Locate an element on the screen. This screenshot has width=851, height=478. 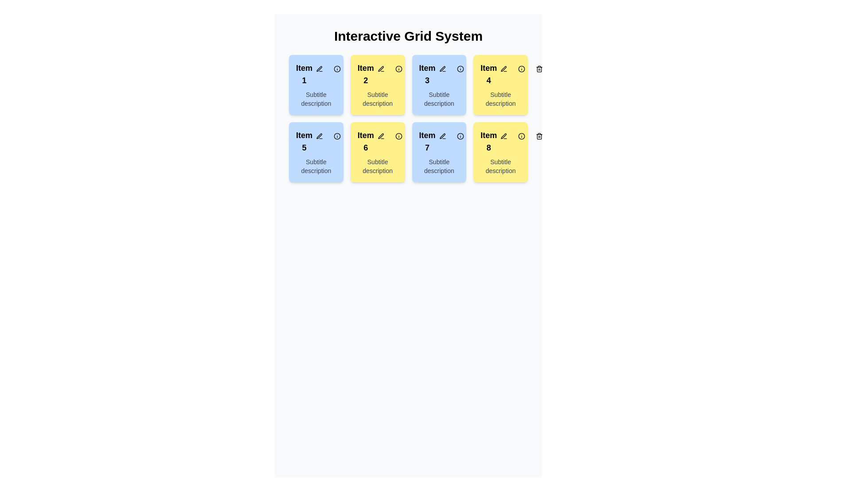
the subtitle text element located at the bottom section of the blue card labeled 'Item 1' in the first row of the grid, which provides additional context about the card is located at coordinates (316, 99).